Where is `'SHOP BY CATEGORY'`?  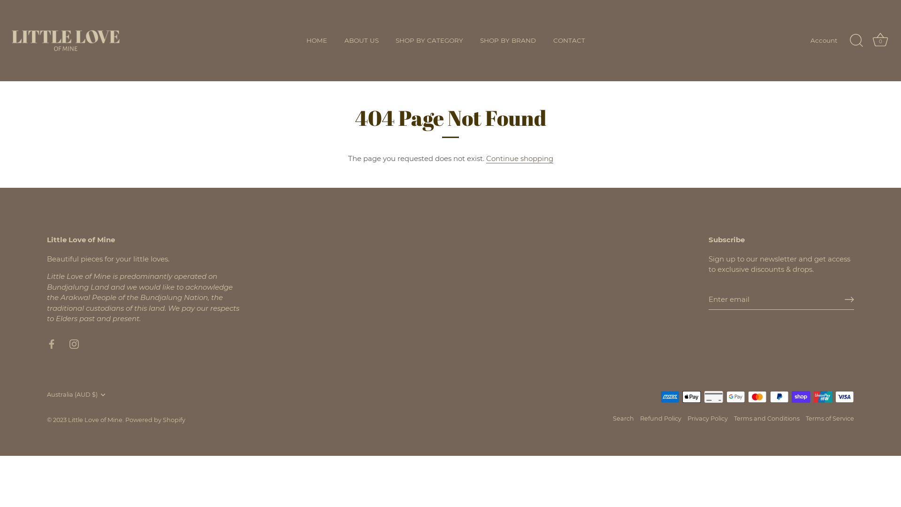
'SHOP BY CATEGORY' is located at coordinates (429, 40).